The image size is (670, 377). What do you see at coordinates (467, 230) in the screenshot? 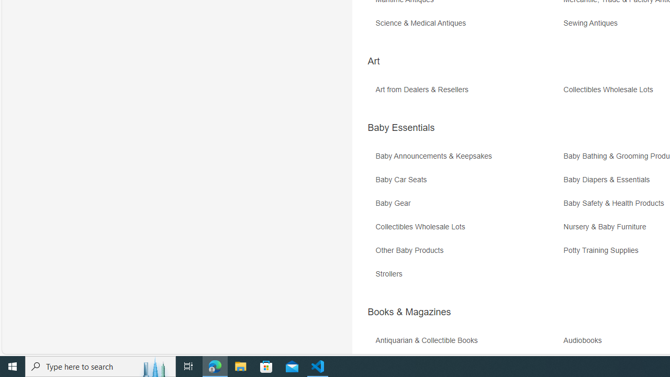
I see `'Collectibles Wholesale Lots'` at bounding box center [467, 230].